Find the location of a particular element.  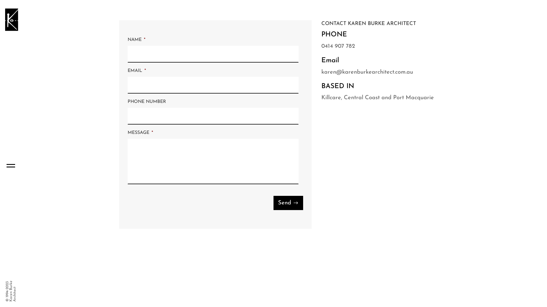

'Send' is located at coordinates (288, 202).